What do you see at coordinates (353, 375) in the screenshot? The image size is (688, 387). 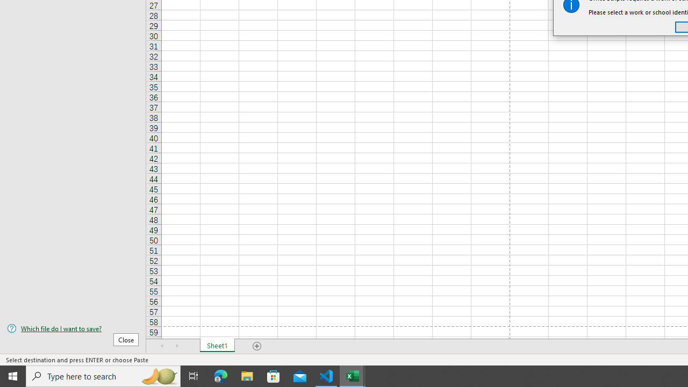 I see `'Excel - 2 running windows'` at bounding box center [353, 375].